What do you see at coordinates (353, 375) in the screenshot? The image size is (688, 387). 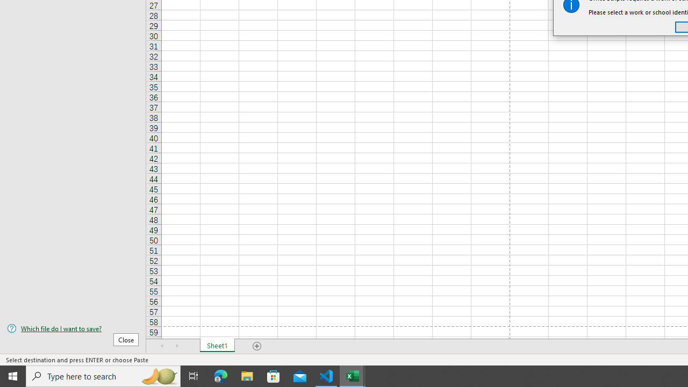 I see `'Excel - 2 running windows'` at bounding box center [353, 375].